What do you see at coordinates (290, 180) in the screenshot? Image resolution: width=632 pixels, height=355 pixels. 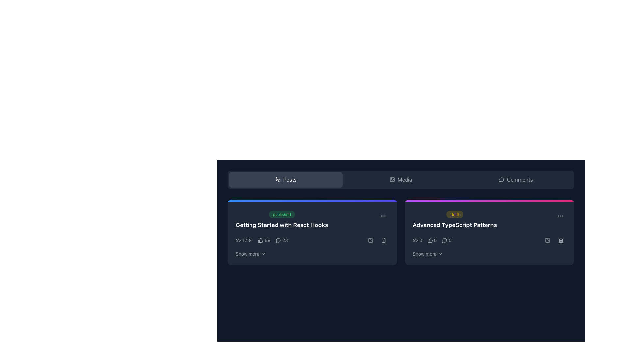 I see `the 'Posts' tab label` at bounding box center [290, 180].